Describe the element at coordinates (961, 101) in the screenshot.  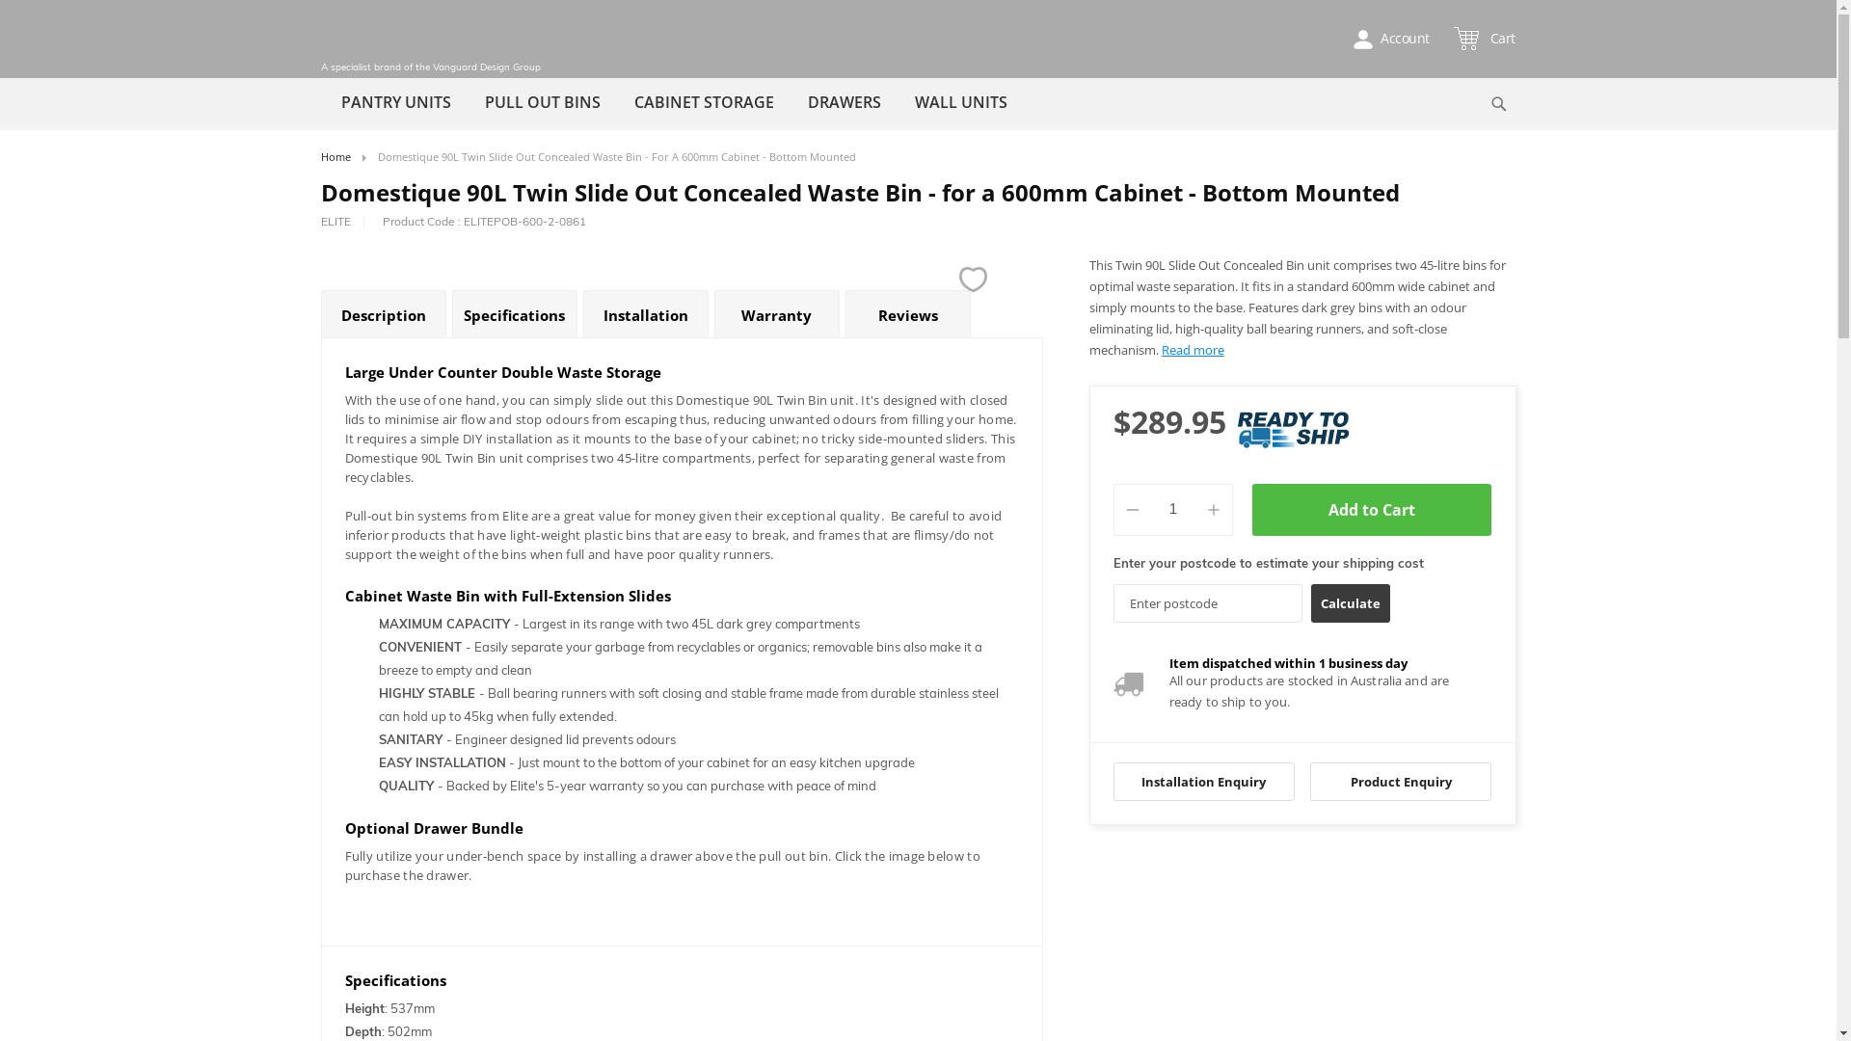
I see `'WALL UNITS'` at that location.